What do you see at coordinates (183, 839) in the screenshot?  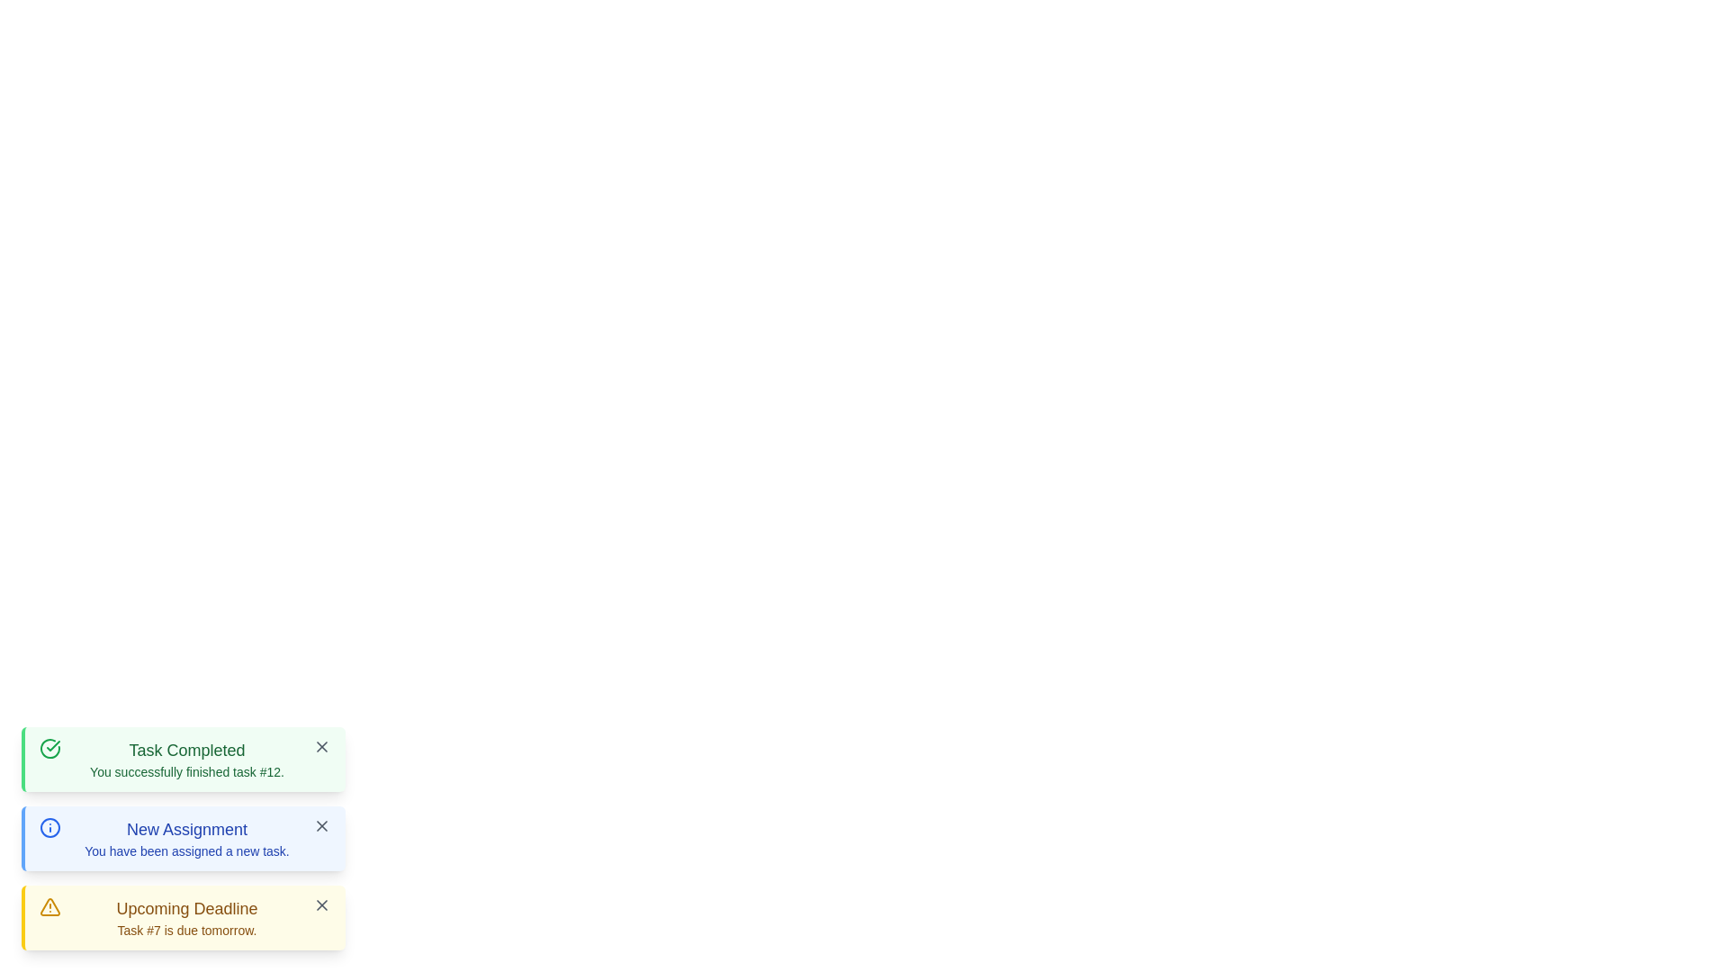 I see `the second informational notification box that informs the user about being assigned a new task` at bounding box center [183, 839].